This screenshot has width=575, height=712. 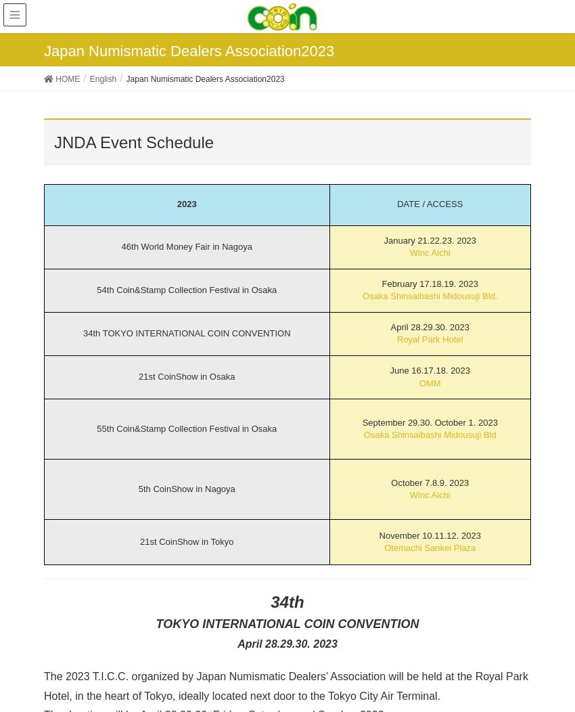 What do you see at coordinates (397, 204) in the screenshot?
I see `'DATE / ACCESS'` at bounding box center [397, 204].